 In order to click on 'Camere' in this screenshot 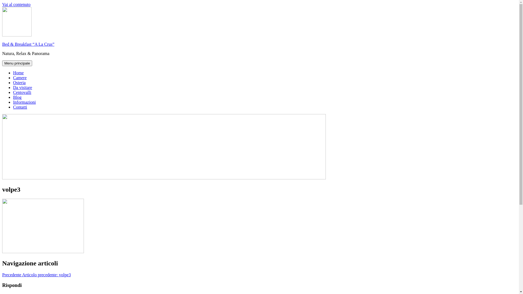, I will do `click(20, 78)`.